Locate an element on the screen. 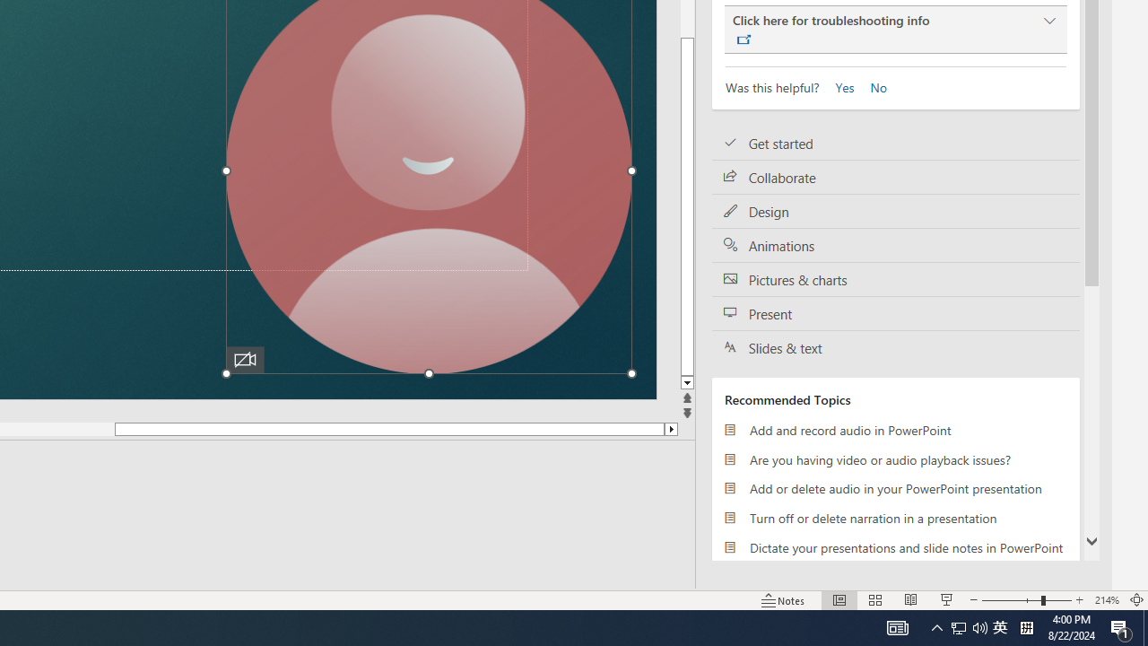  'Add and record audio in PowerPoint' is located at coordinates (896, 430).